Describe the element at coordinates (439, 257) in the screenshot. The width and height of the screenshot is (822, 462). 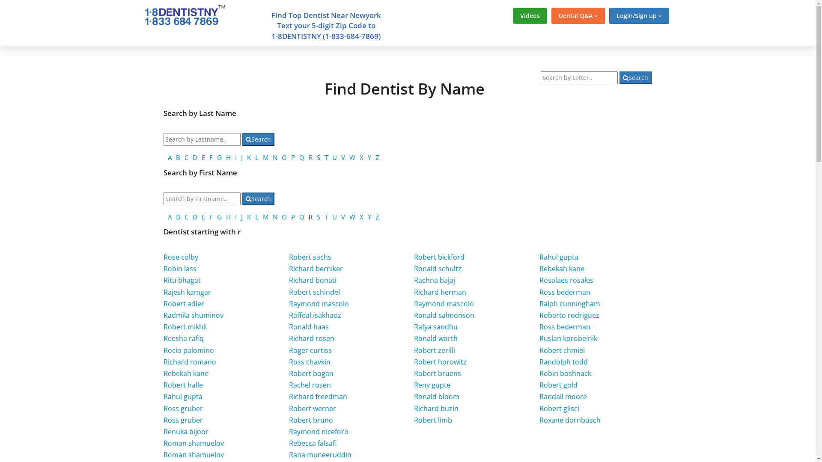
I see `'Robert bickford'` at that location.